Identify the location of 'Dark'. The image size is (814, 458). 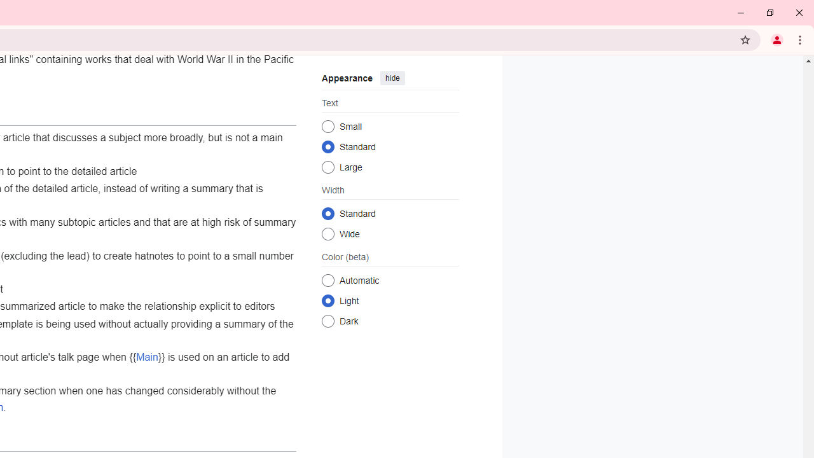
(328, 320).